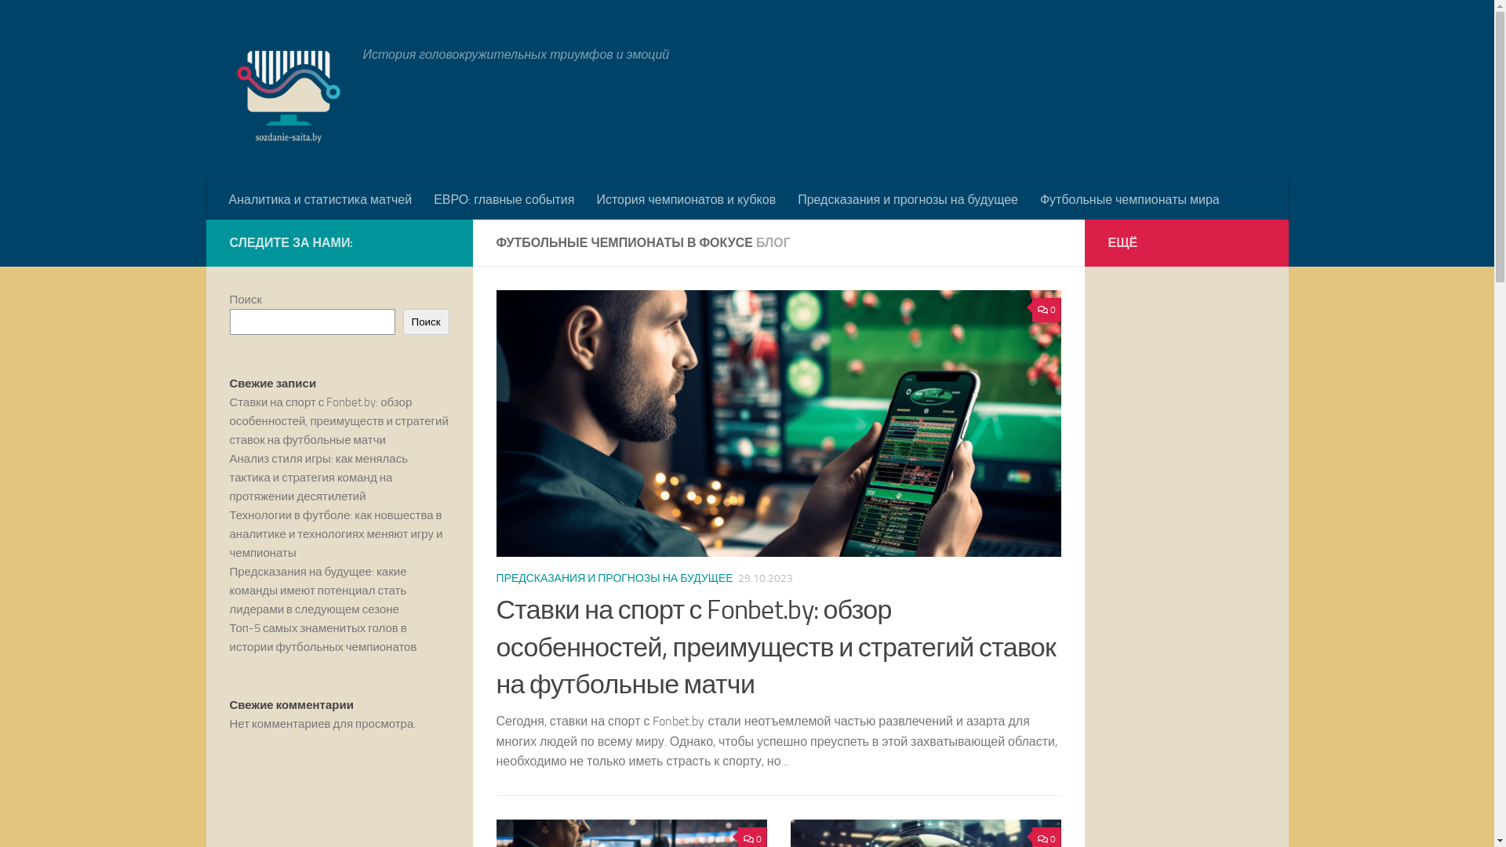 This screenshot has width=1506, height=847. I want to click on '0', so click(1046, 310).